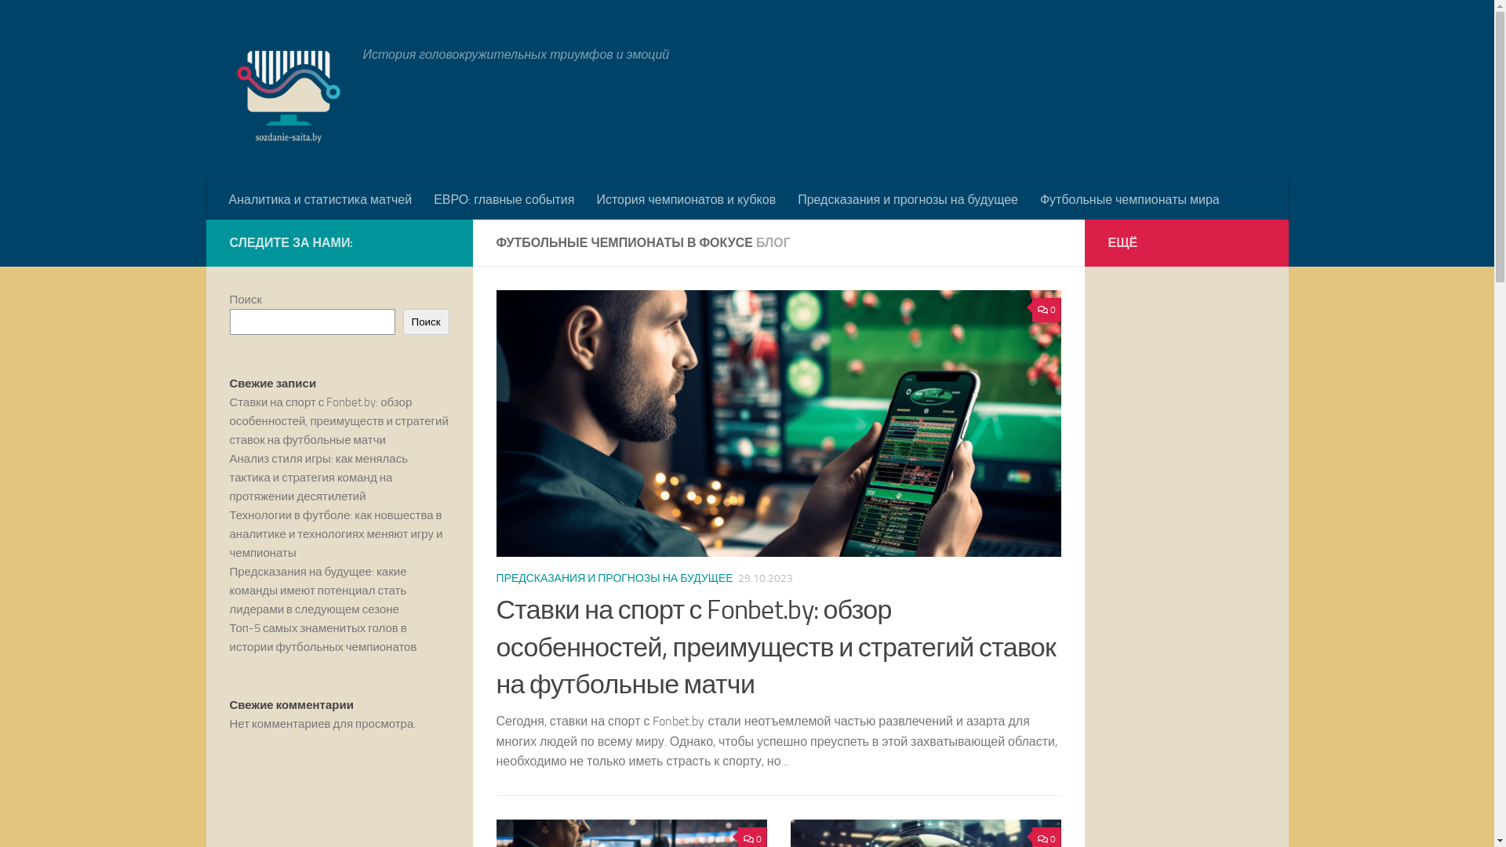 This screenshot has width=1506, height=847. I want to click on '0', so click(1046, 310).